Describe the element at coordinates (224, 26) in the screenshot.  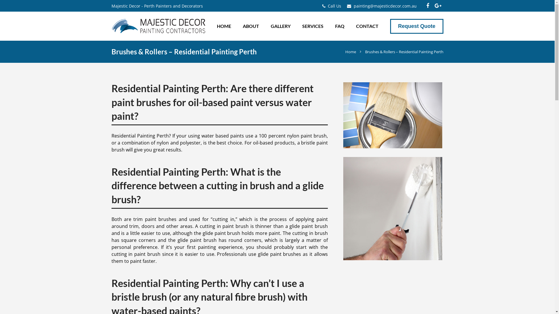
I see `'HOME'` at that location.